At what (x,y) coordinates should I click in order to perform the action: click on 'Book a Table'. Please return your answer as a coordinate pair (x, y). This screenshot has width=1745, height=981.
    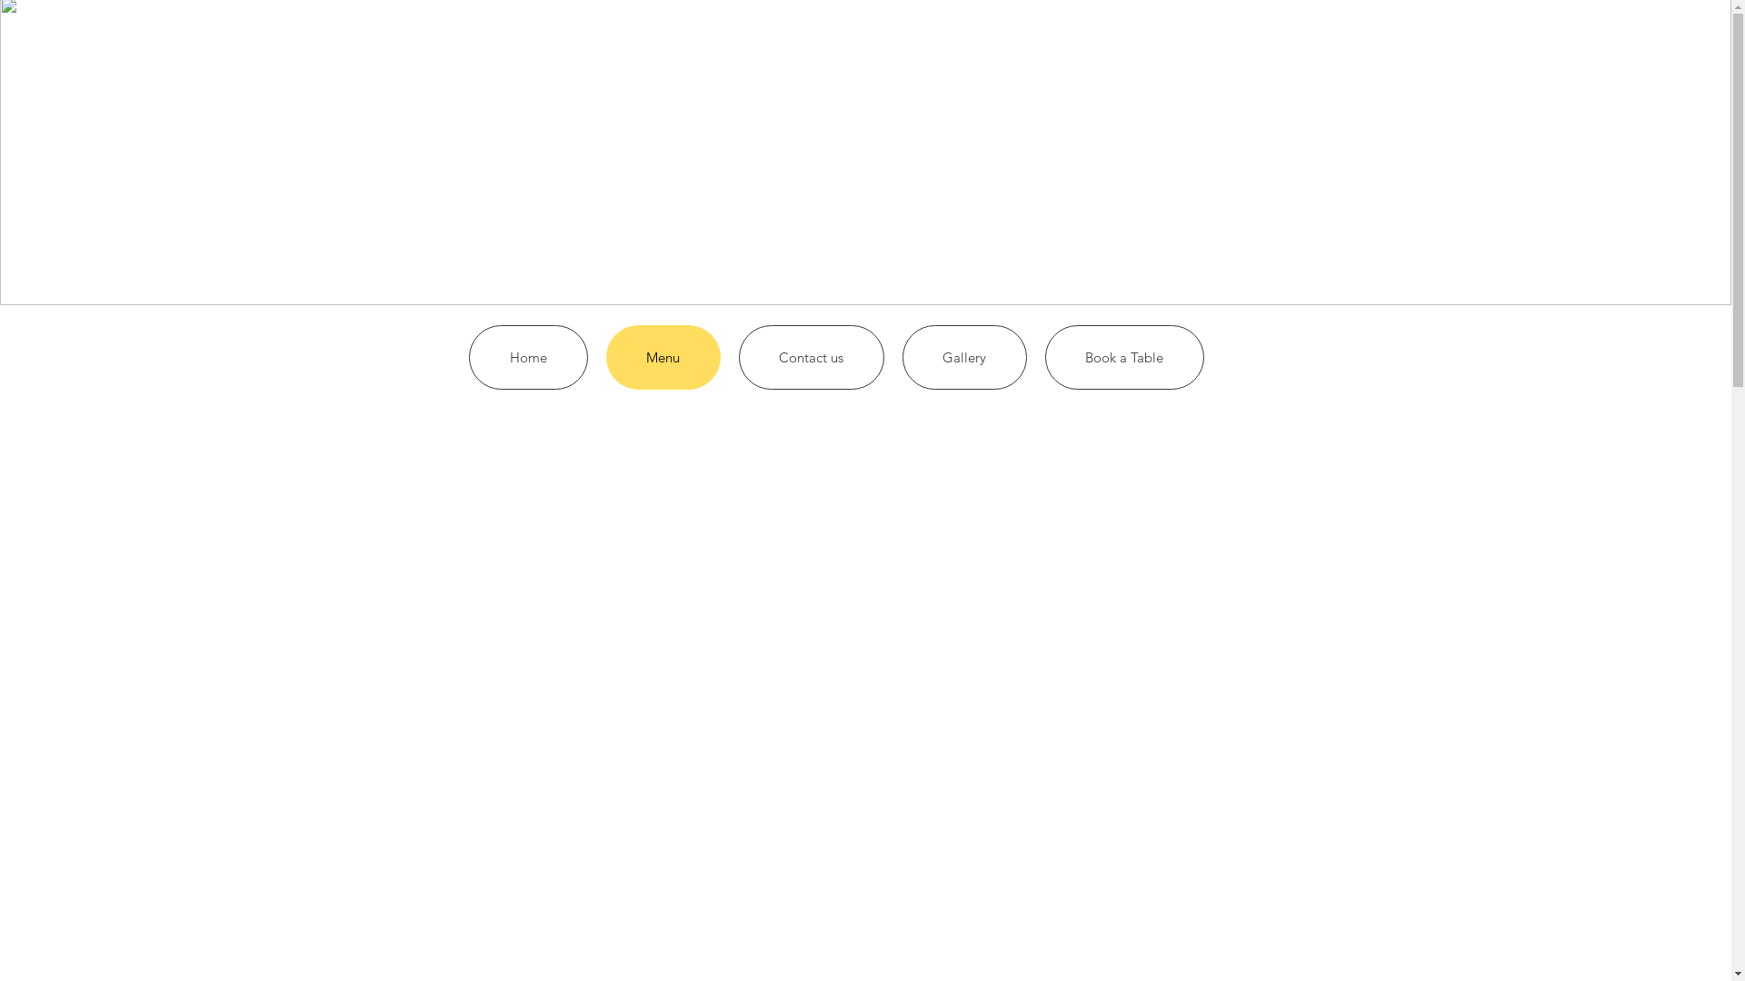
    Looking at the image, I should click on (1123, 357).